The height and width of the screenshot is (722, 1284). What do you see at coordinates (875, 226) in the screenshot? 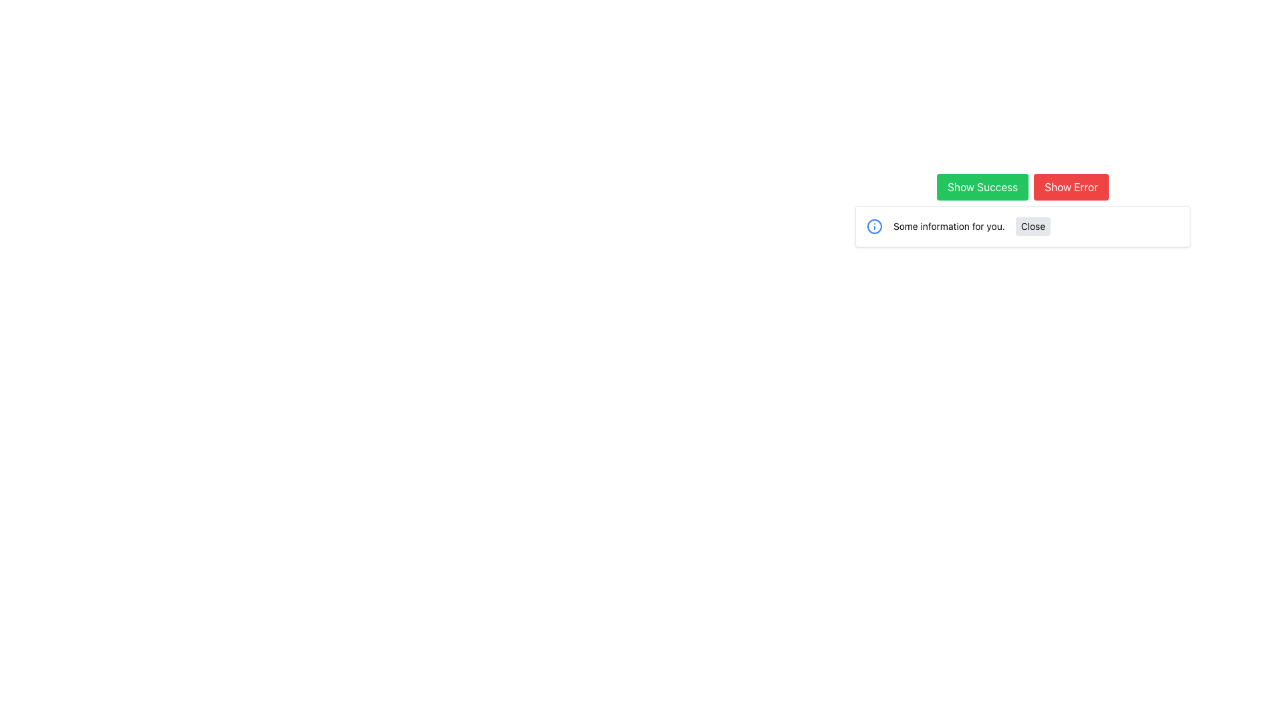
I see `the central circle of the informational icon with a blue outline` at bounding box center [875, 226].